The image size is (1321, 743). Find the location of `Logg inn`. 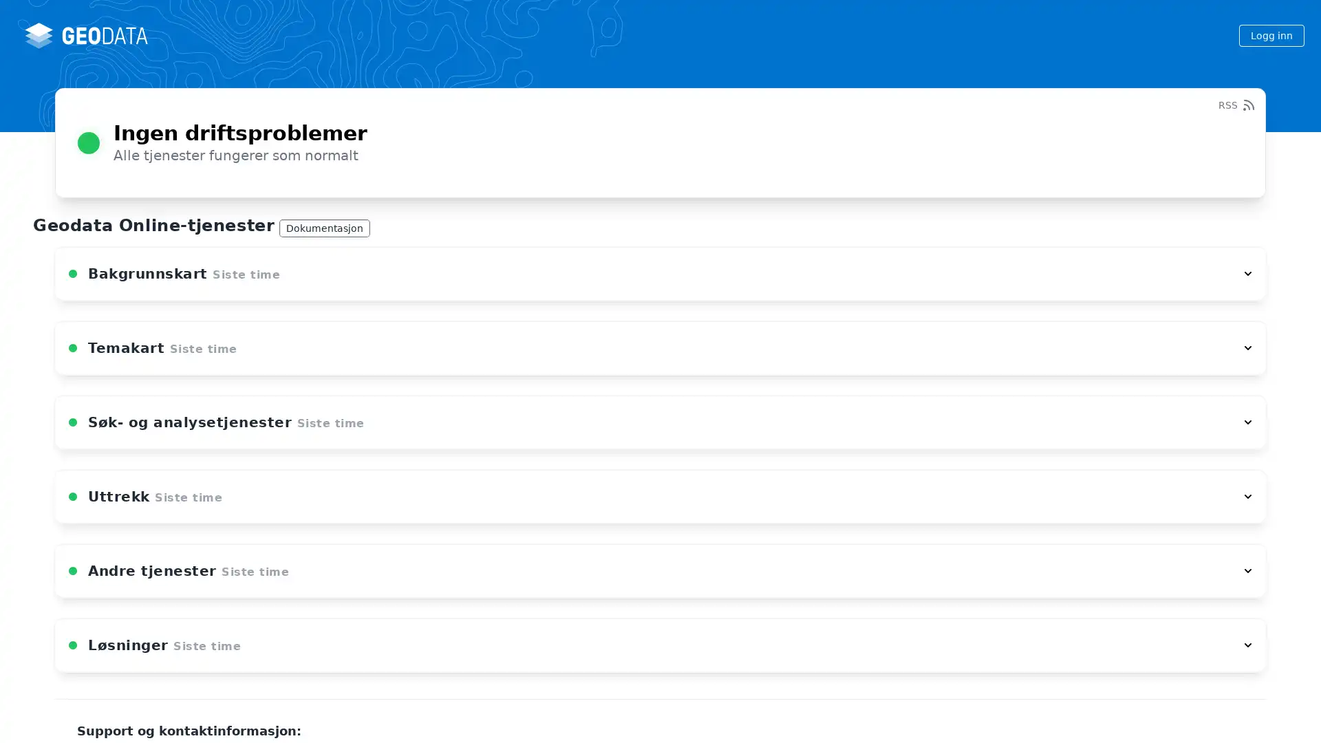

Logg inn is located at coordinates (1271, 34).